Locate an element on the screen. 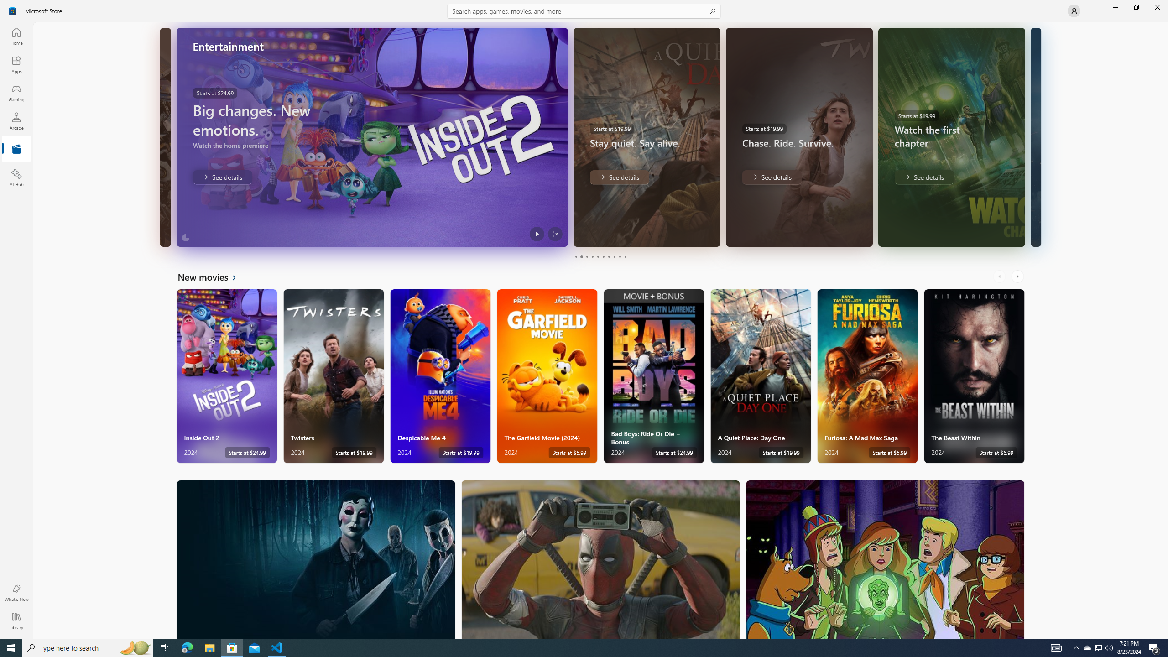 The width and height of the screenshot is (1168, 657). 'Play Trailer' is located at coordinates (536, 234).